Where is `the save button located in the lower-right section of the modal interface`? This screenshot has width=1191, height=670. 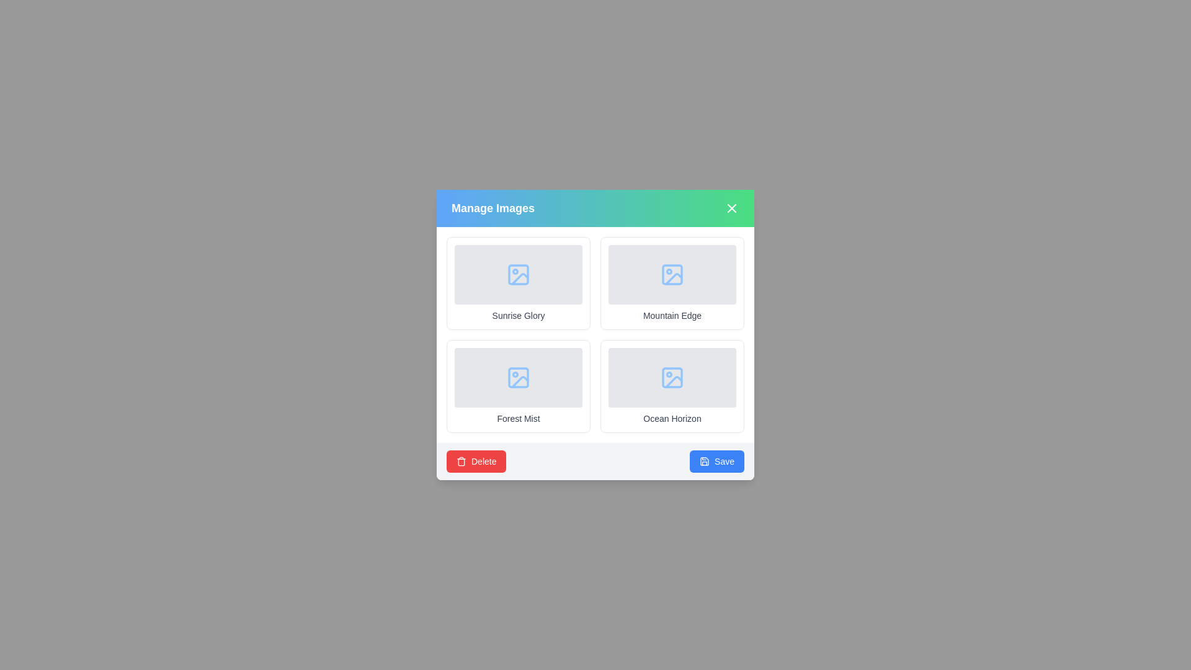
the save button located in the lower-right section of the modal interface is located at coordinates (717, 462).